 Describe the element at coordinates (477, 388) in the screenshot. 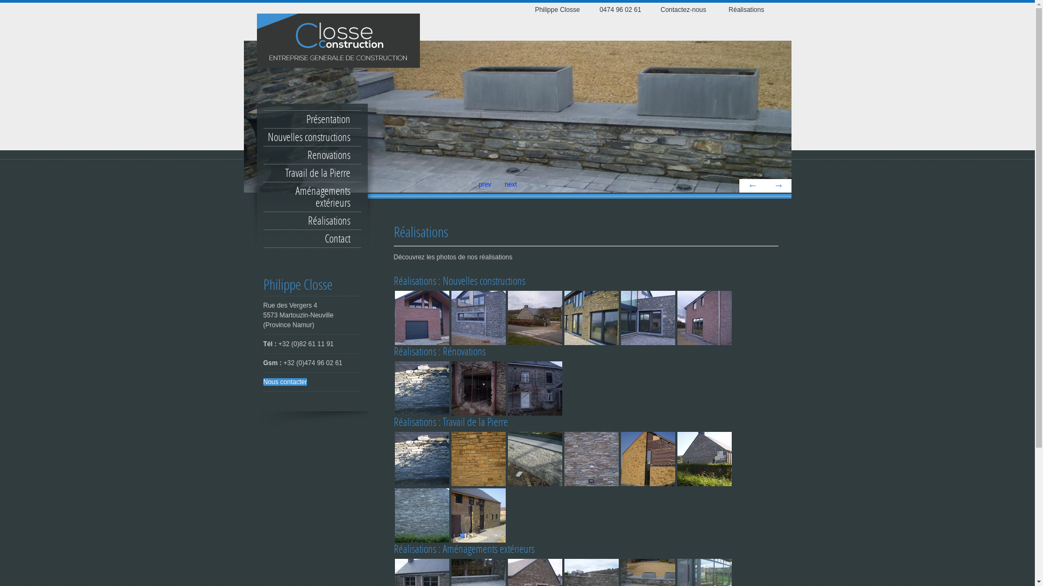

I see `'OLYMPUS DIGITAL CAMERA         '` at that location.